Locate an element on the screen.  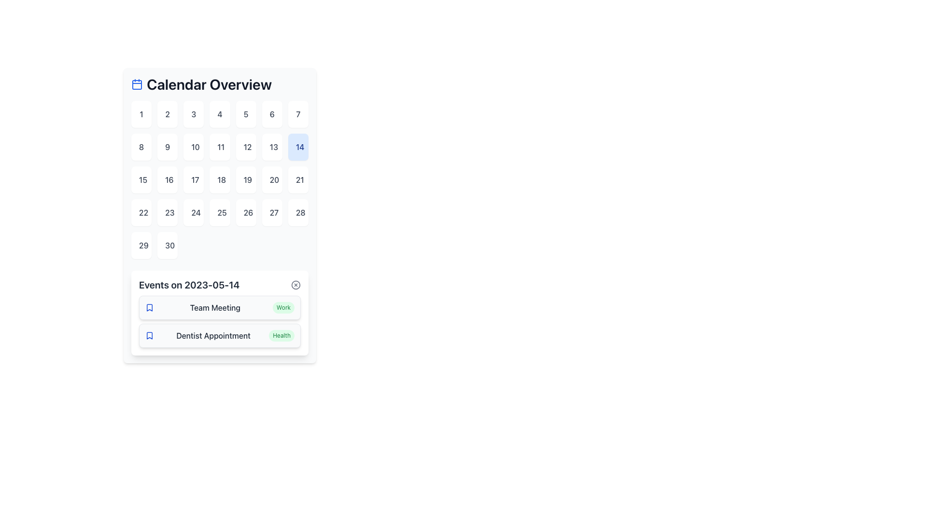
the button representing the date in the calendar interface located in the second row and fourth column under 'Calendar Overview' is located at coordinates (219, 147).